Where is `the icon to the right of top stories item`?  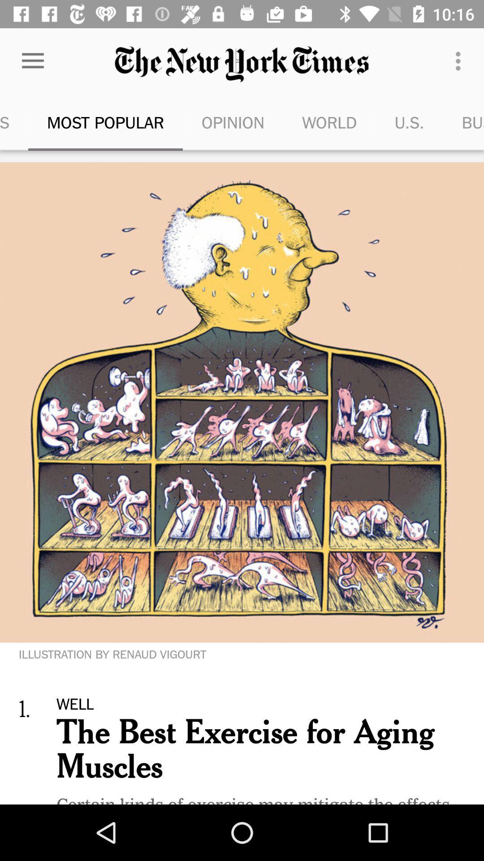 the icon to the right of top stories item is located at coordinates (105, 122).